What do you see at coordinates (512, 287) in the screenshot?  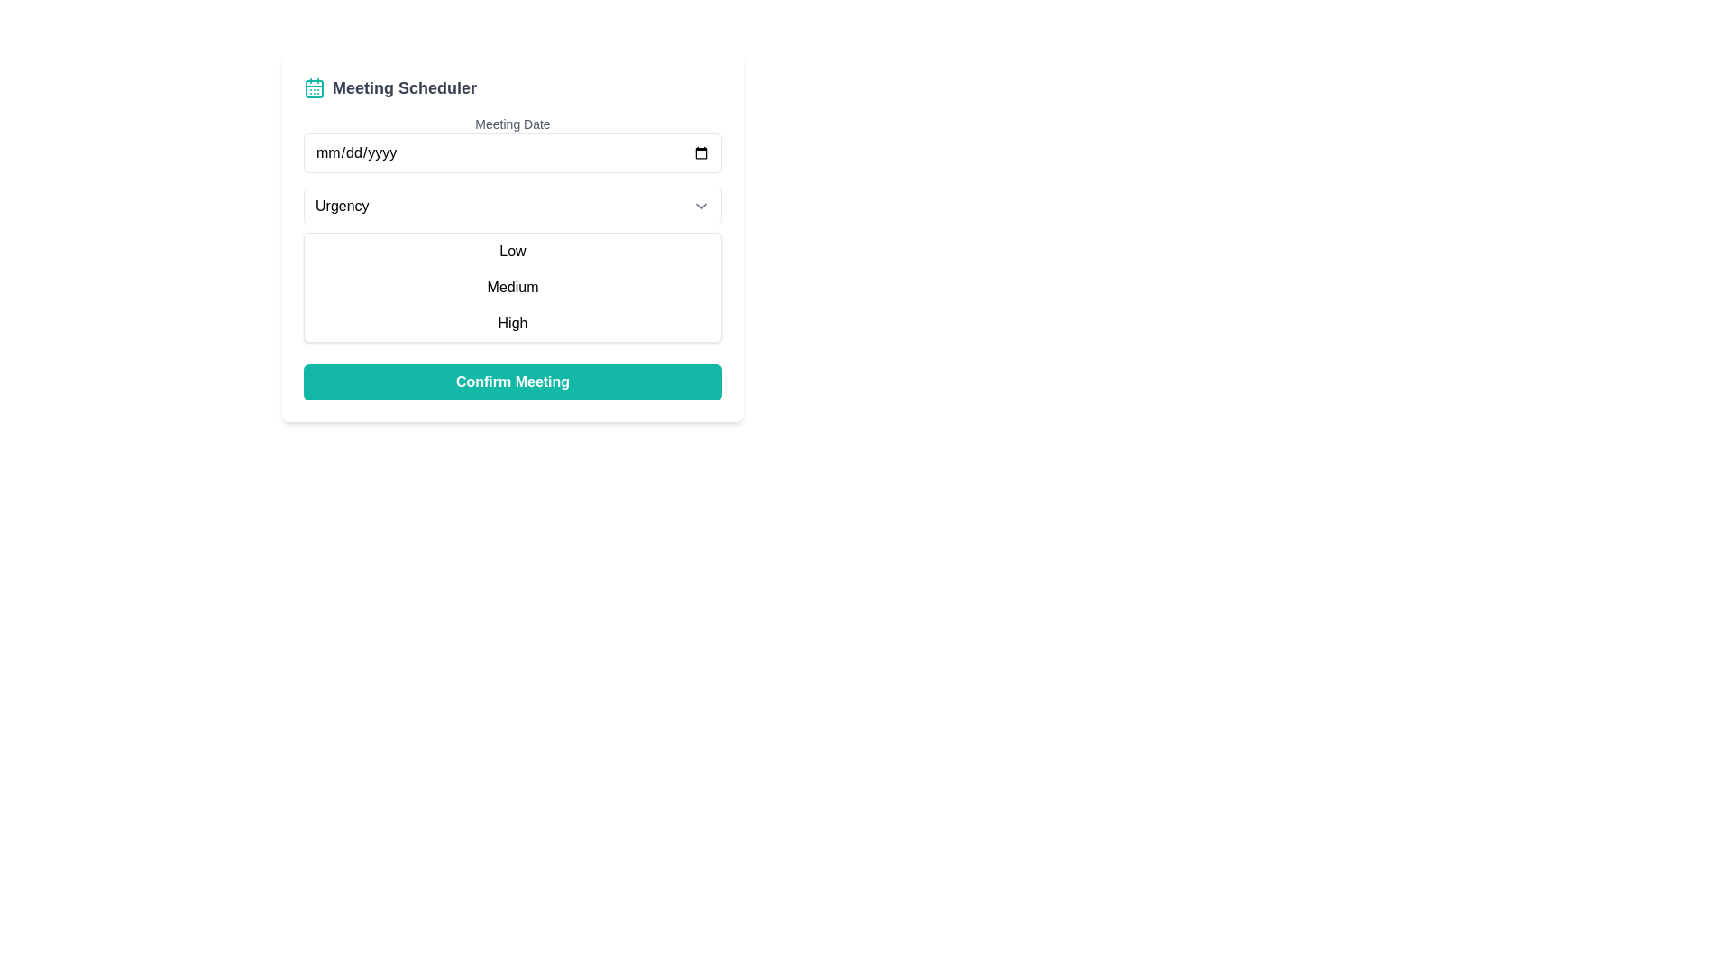 I see `the selectable option labeled 'Medium' within the urgency selection menu` at bounding box center [512, 287].